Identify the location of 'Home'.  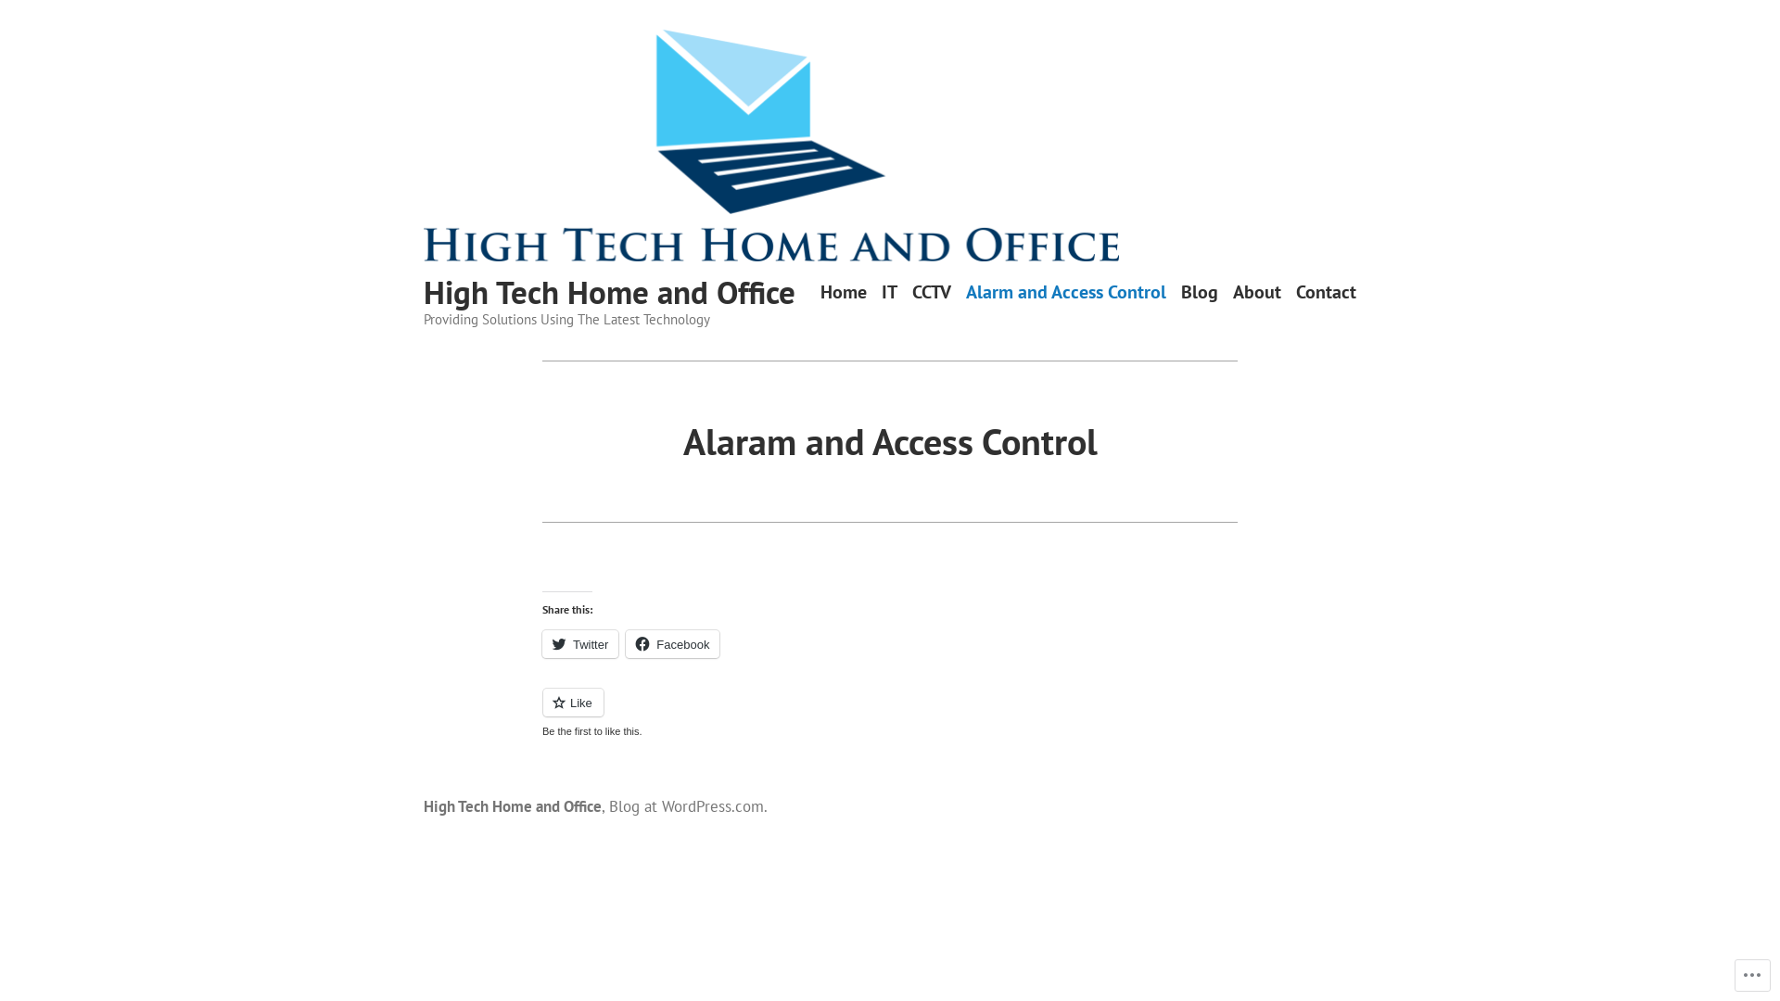
(843, 292).